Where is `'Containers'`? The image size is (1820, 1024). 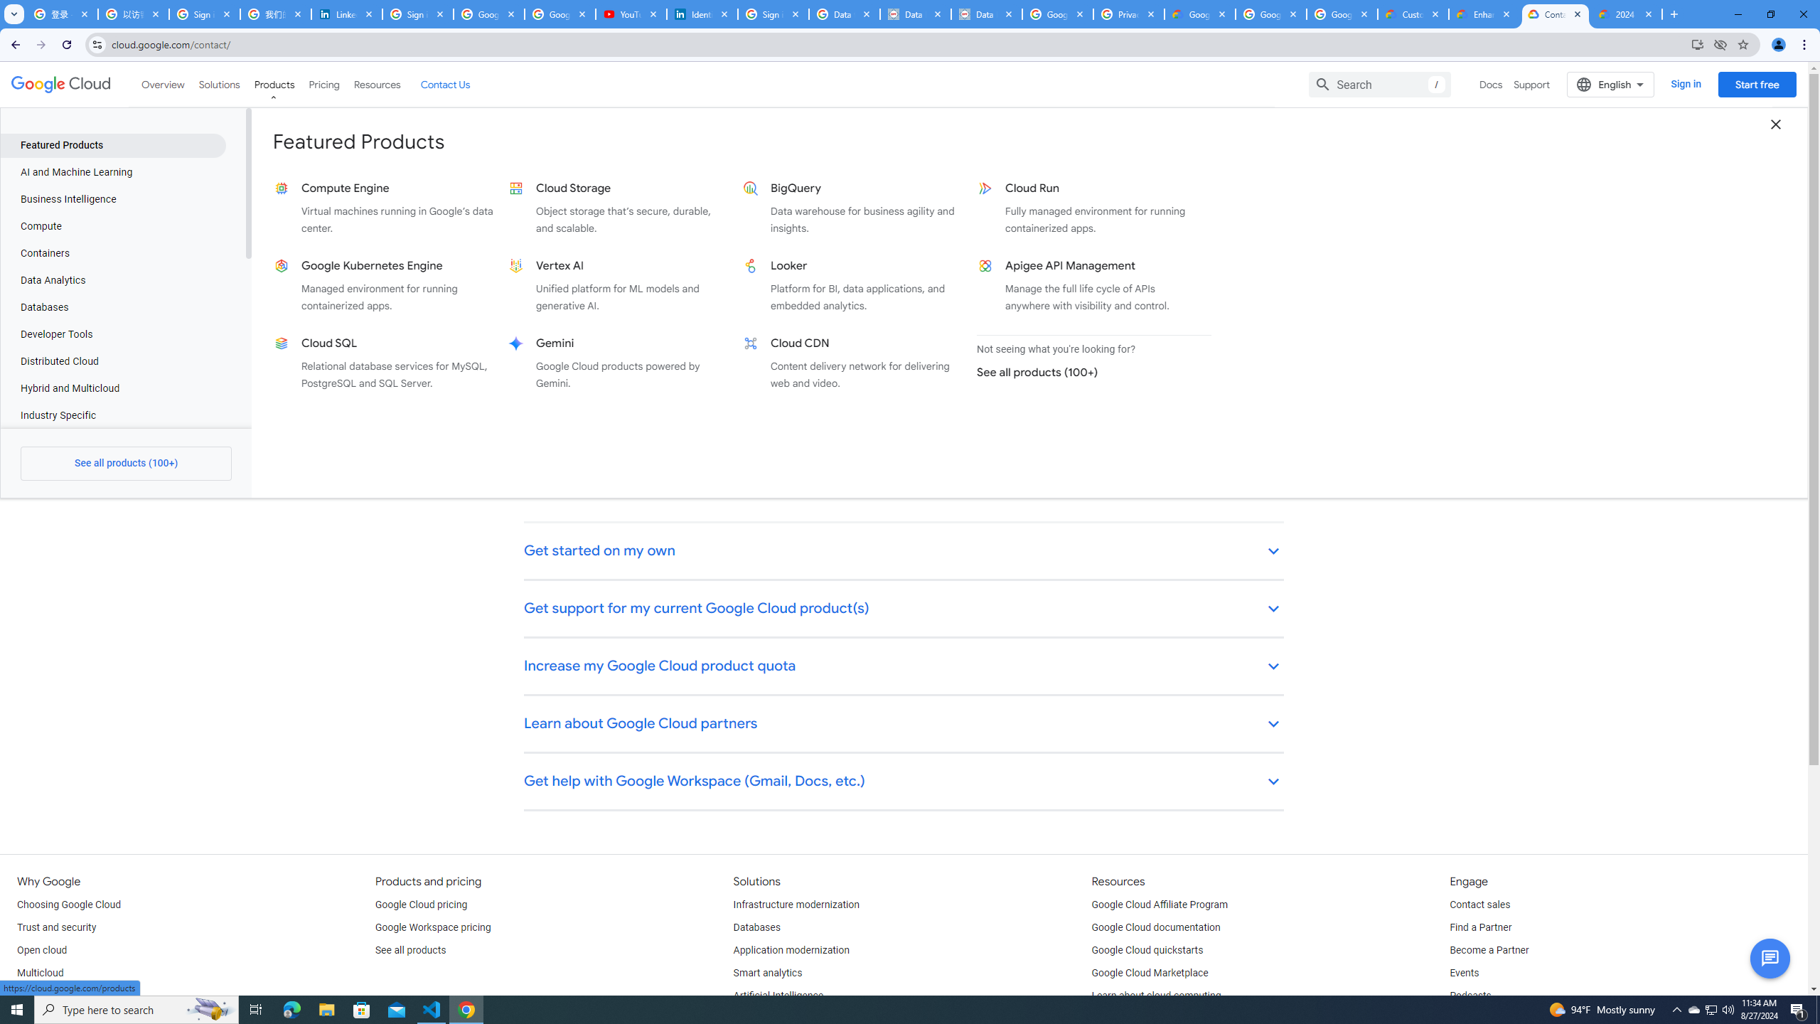 'Containers' is located at coordinates (112, 253).